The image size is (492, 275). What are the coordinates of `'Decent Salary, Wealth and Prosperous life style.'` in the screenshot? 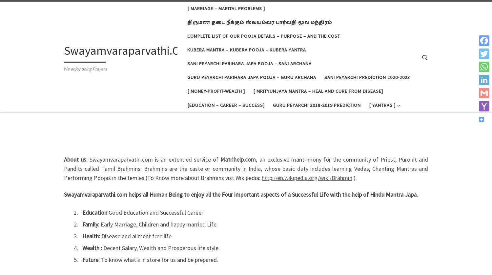 It's located at (161, 247).